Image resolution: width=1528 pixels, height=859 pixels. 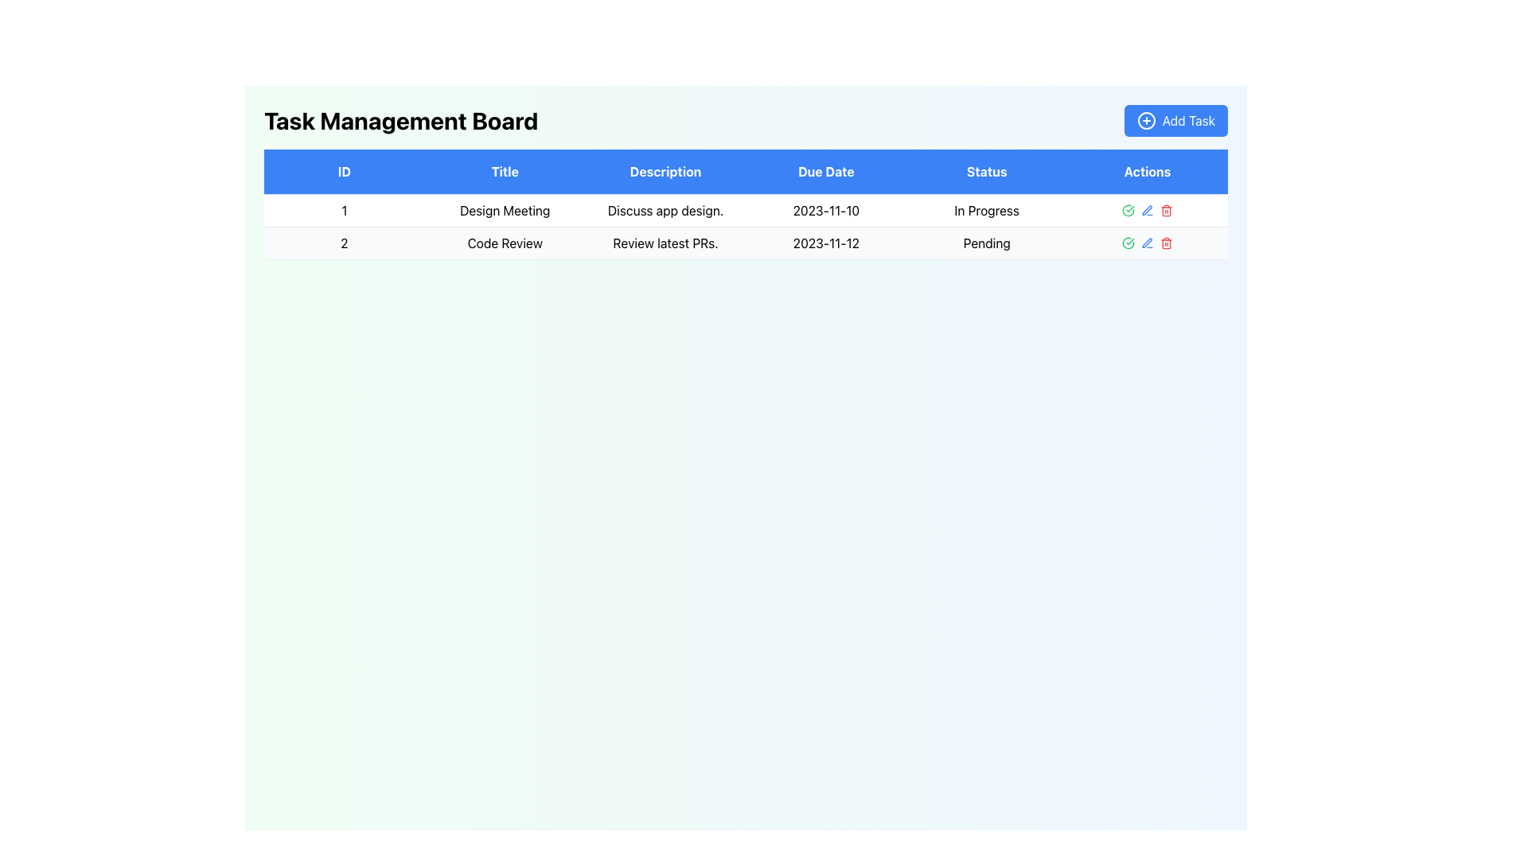 I want to click on the green checkmark icon in the interactive toolbar located in the last cell of the second row of the data table, aligned with the 'Pending' status, so click(x=1148, y=243).